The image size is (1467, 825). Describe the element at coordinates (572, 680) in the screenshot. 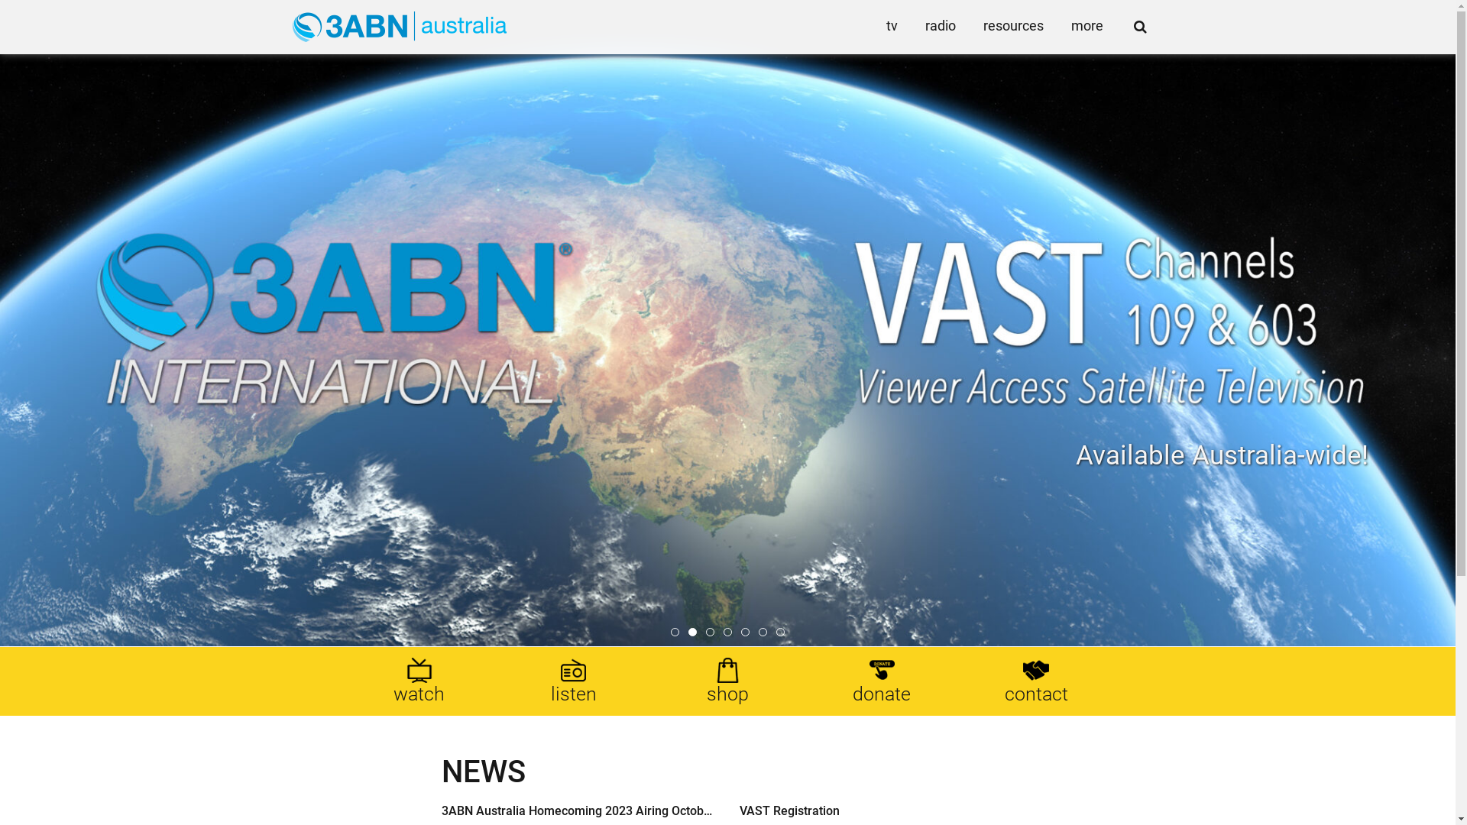

I see `'listen'` at that location.